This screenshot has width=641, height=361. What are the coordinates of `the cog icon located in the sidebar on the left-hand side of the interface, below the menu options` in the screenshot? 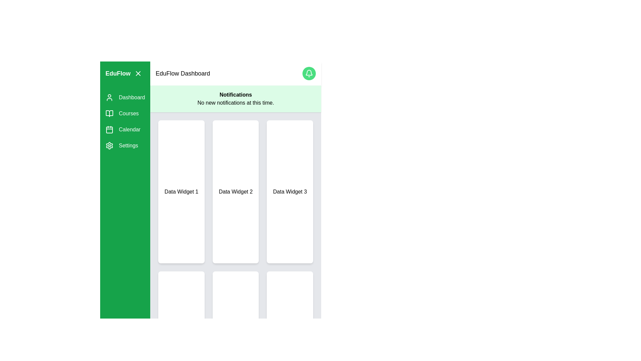 It's located at (109, 145).